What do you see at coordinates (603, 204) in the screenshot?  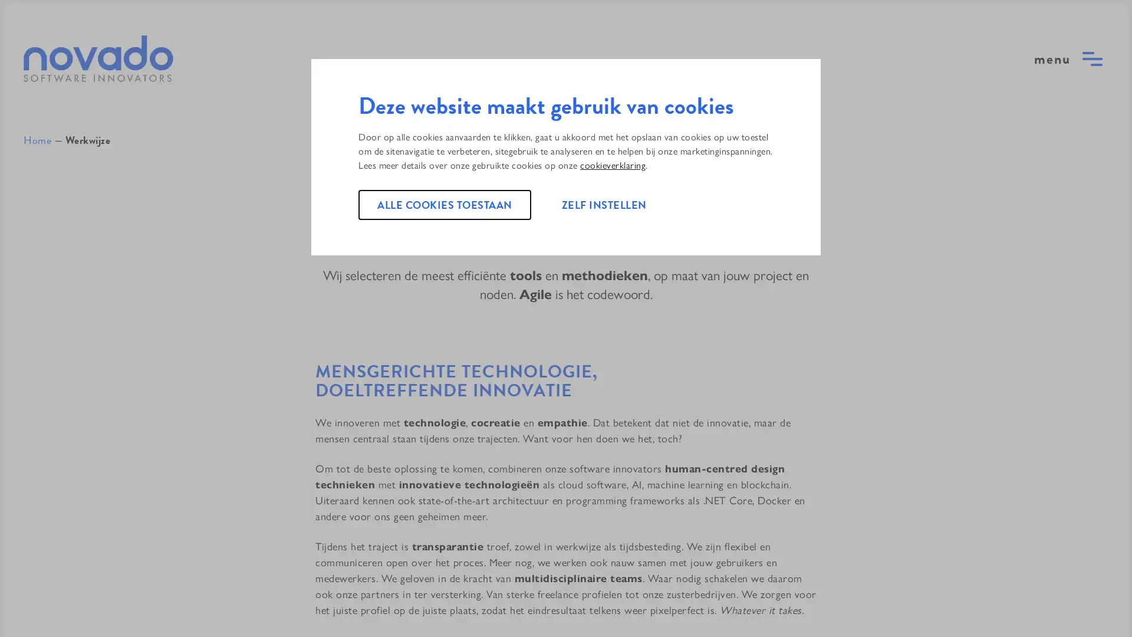 I see `ZELF INSTELLEN` at bounding box center [603, 204].